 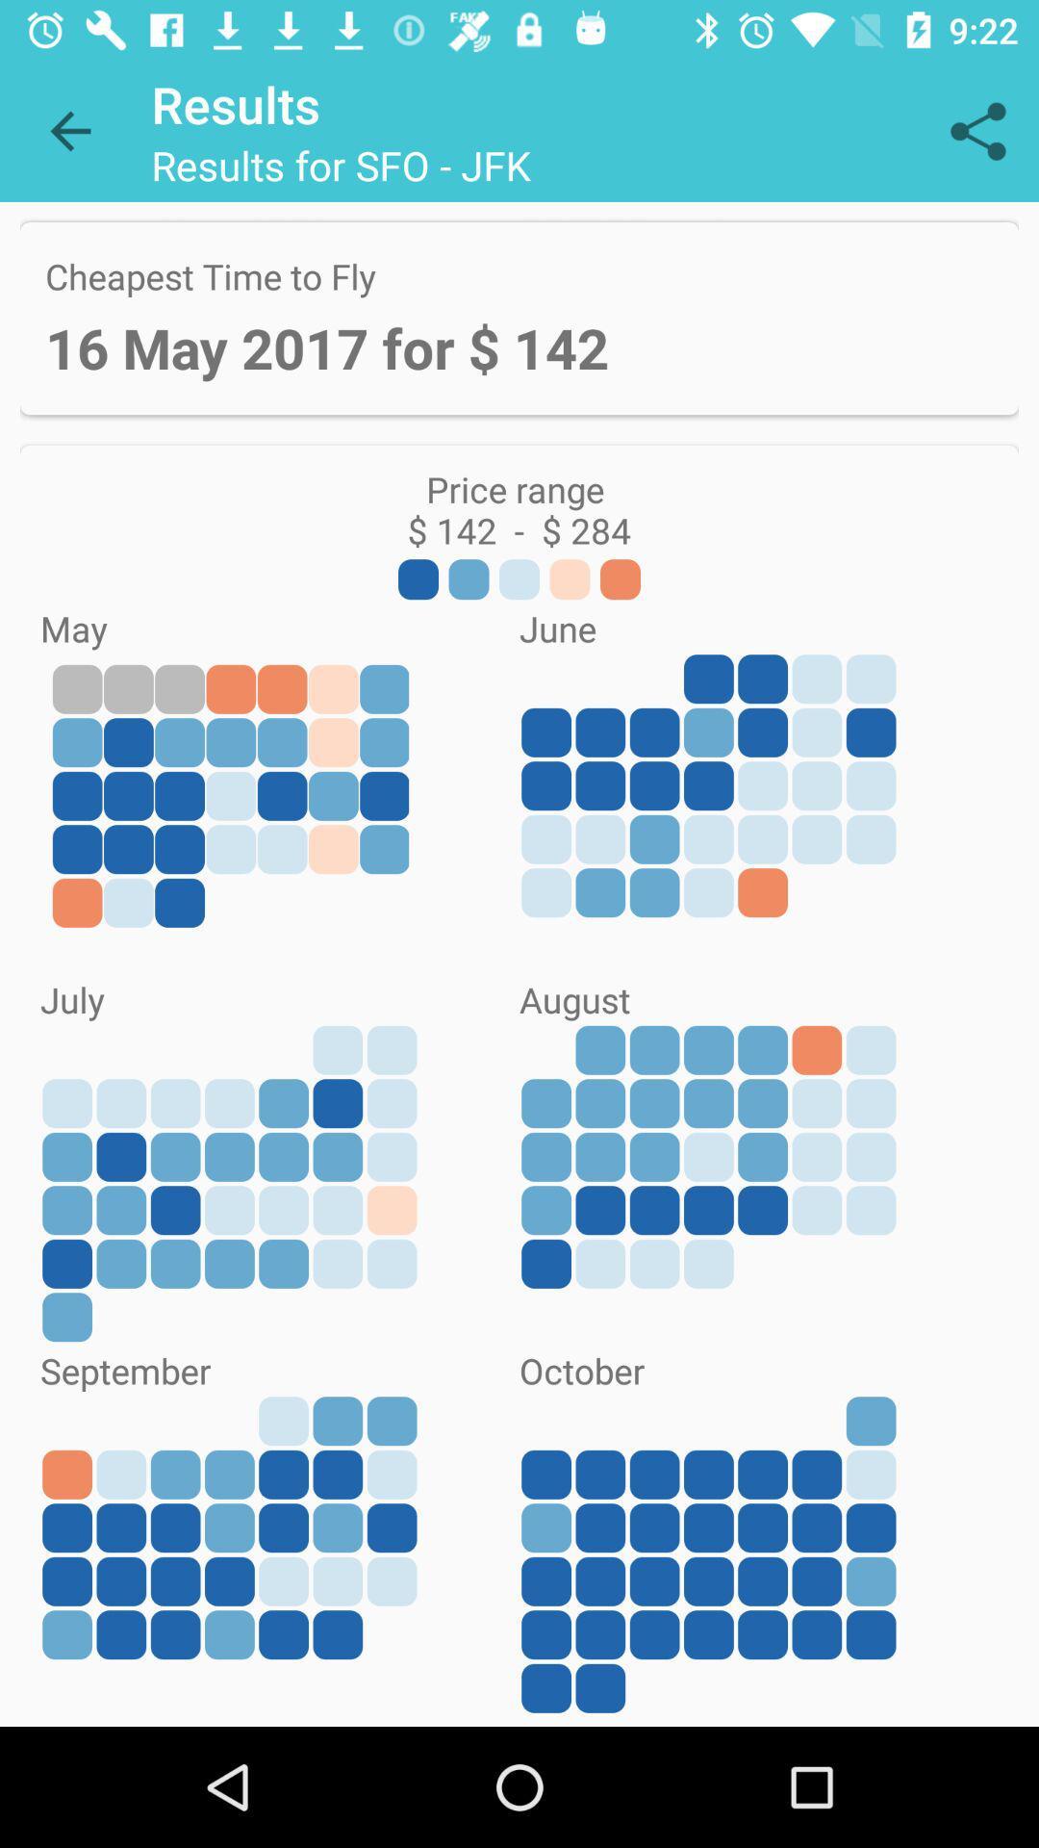 I want to click on the icon at the top right corner, so click(x=978, y=130).